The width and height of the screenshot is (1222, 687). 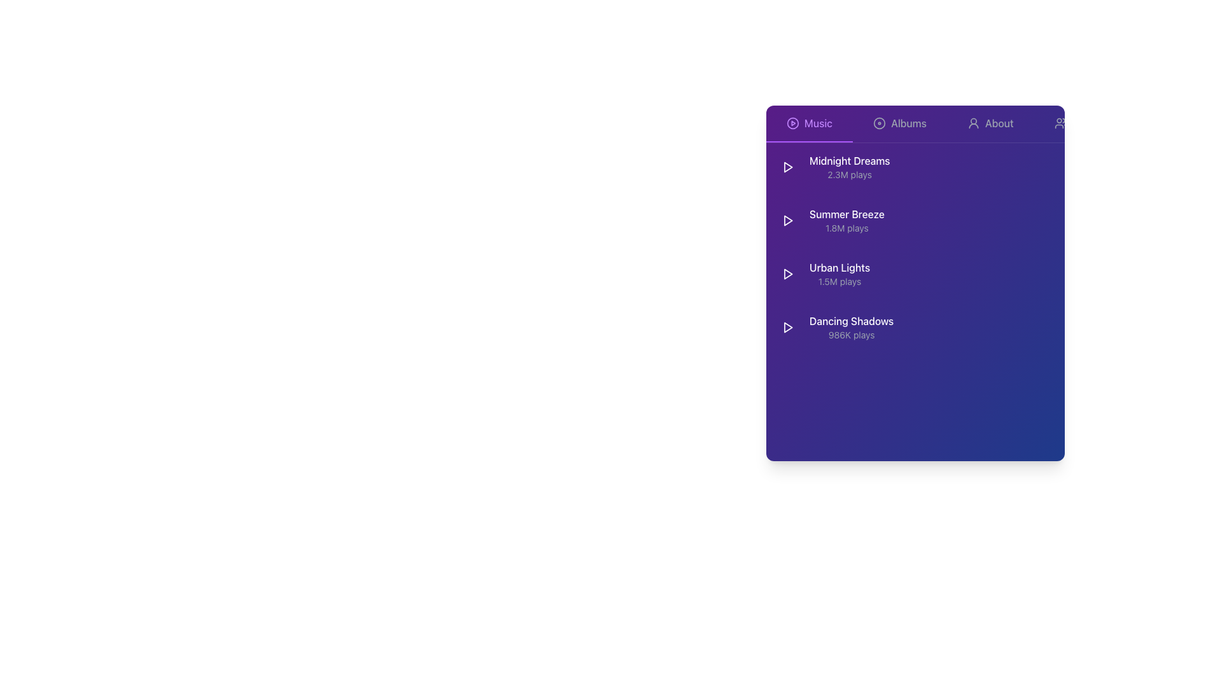 What do you see at coordinates (1008, 327) in the screenshot?
I see `the like button located to the right of the song 'Dancing Shadows' to favorite the item` at bounding box center [1008, 327].